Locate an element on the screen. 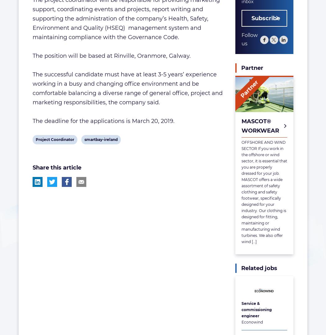 The height and width of the screenshot is (335, 326). 'OFFSHORE AND WIND SECTOR If you work in the offshore or wind sector, it is essential that you are properly dressed for your job. MASCOT offers a wide assortment of safety clothing and safety footwear, specifically designed for your industry. Our clothing is designed for fitting, maintaining or manufacturing wind turbines. We also offer wind […]' is located at coordinates (264, 192).